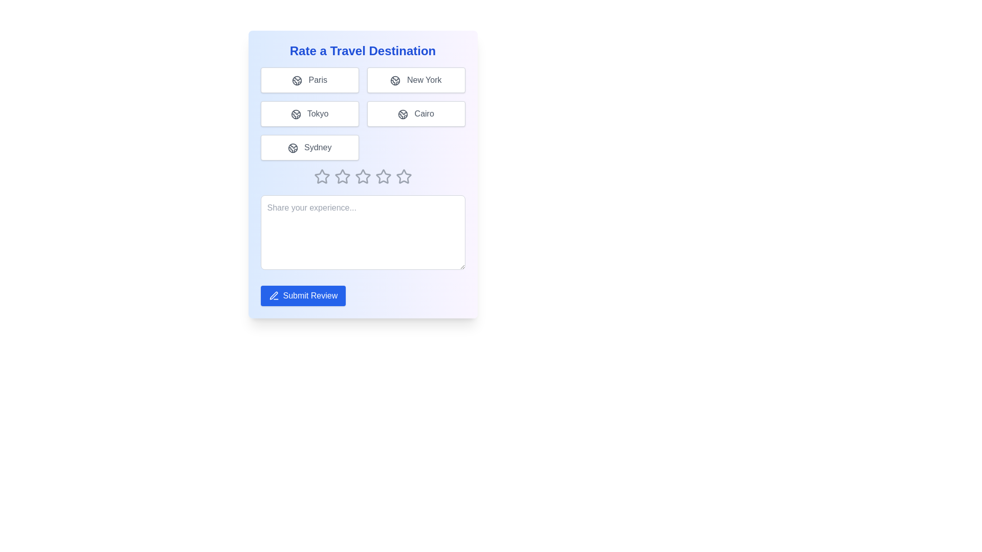  Describe the element at coordinates (363, 176) in the screenshot. I see `the third star in the rating system` at that location.